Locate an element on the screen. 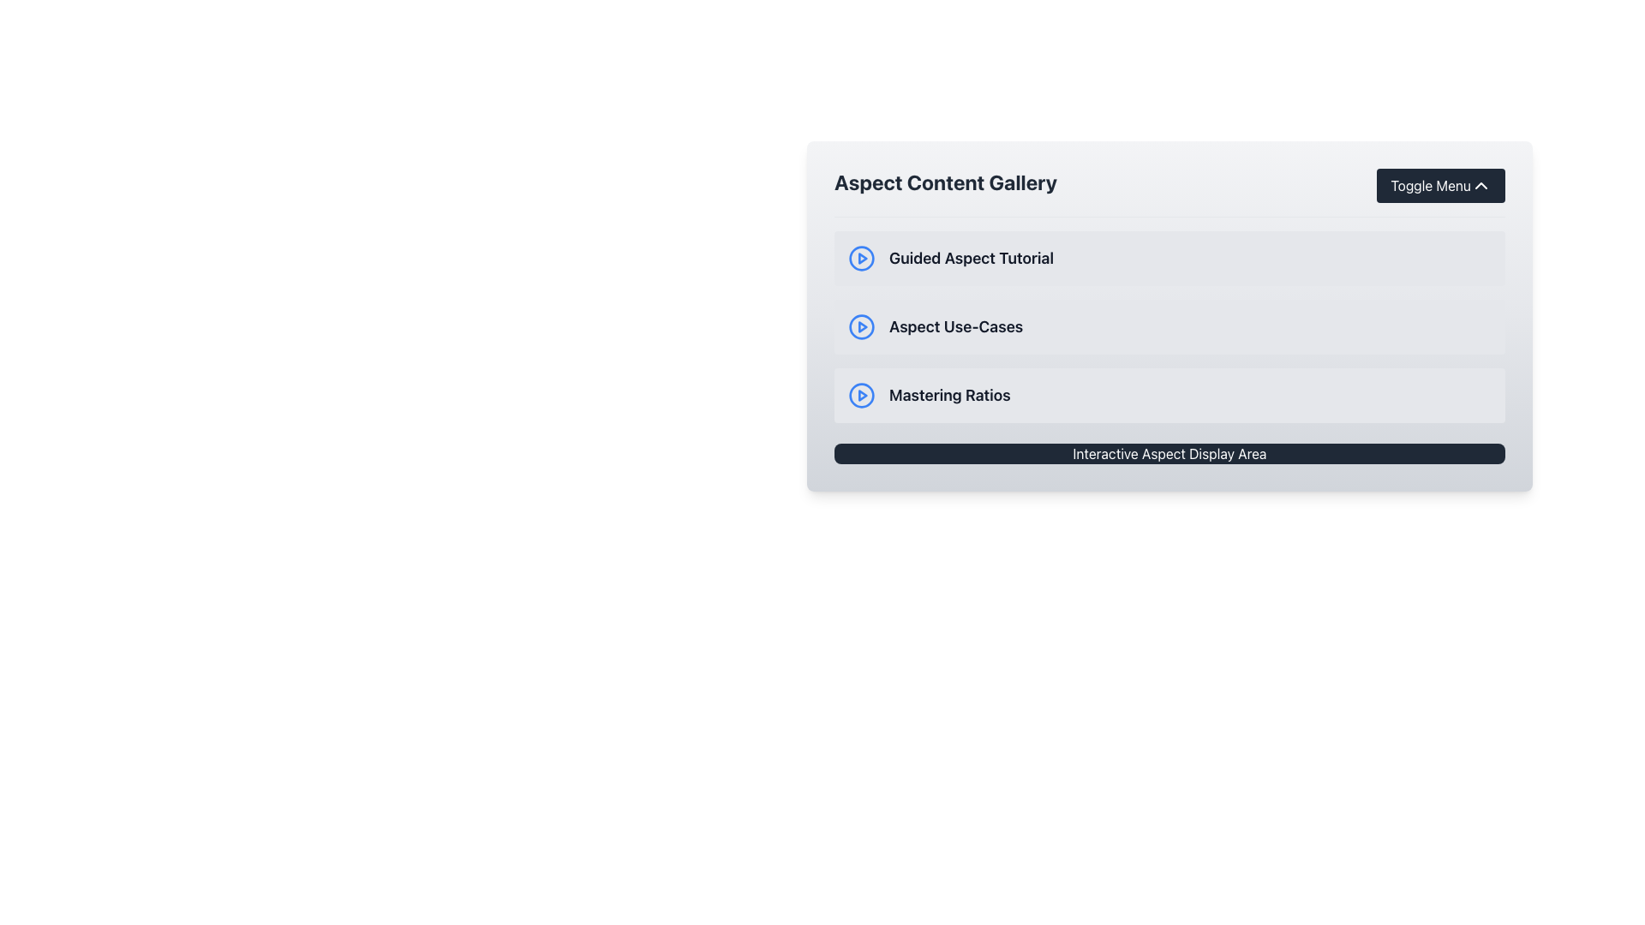 Image resolution: width=1645 pixels, height=925 pixels. the 'Guided Aspect Tutorial' text label, which is styled in a bold and large font and represents a main heading in the list of options is located at coordinates (971, 258).